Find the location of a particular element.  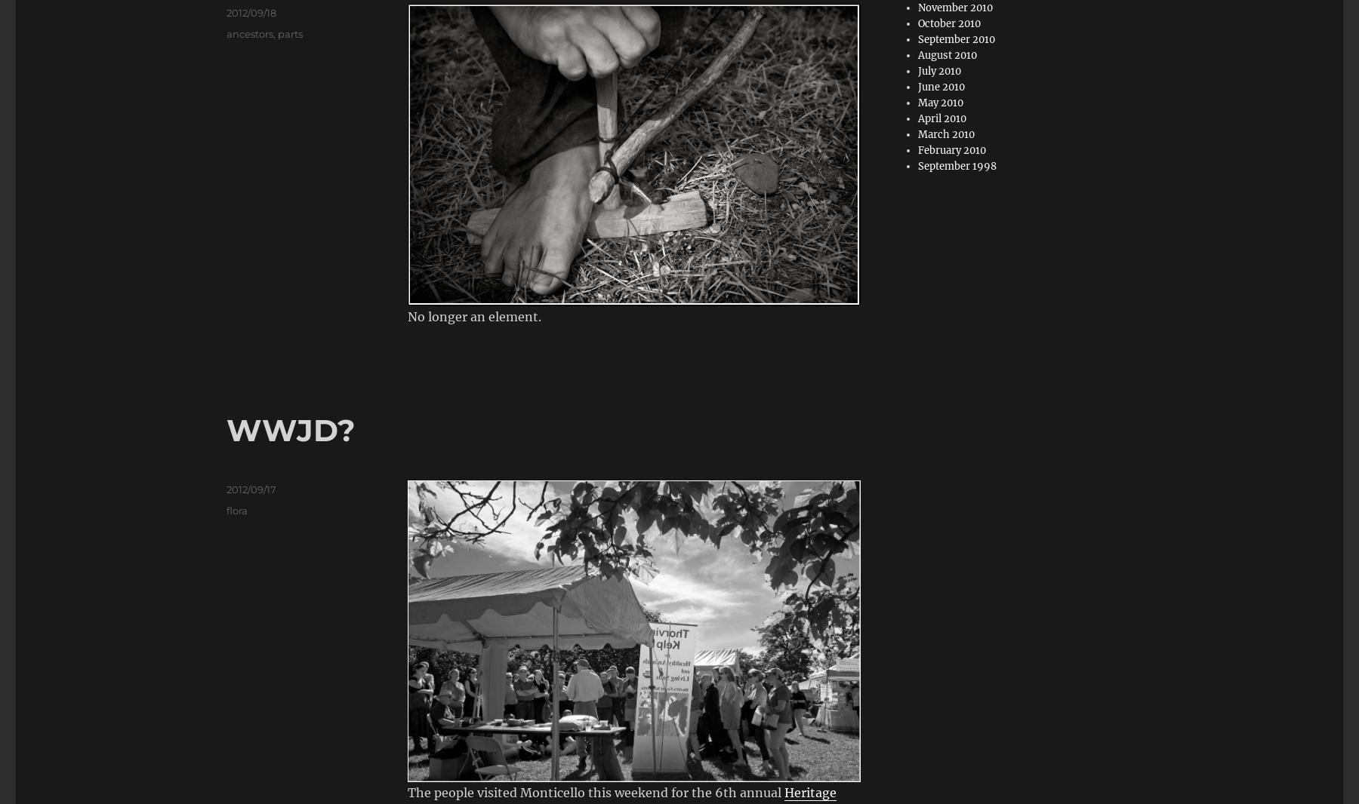

'September 2010' is located at coordinates (957, 38).